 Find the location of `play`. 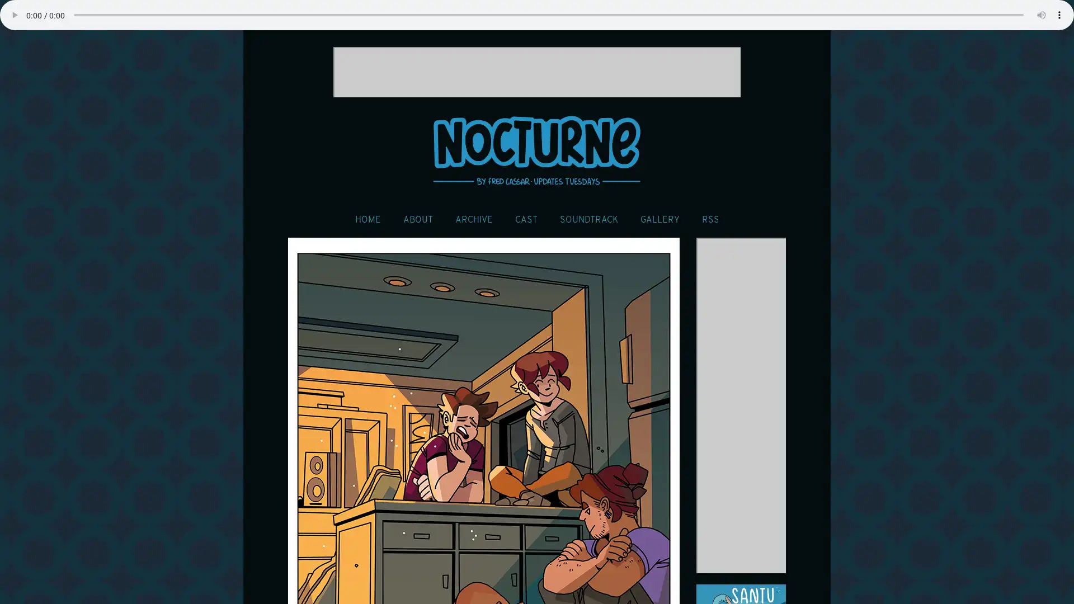

play is located at coordinates (14, 15).